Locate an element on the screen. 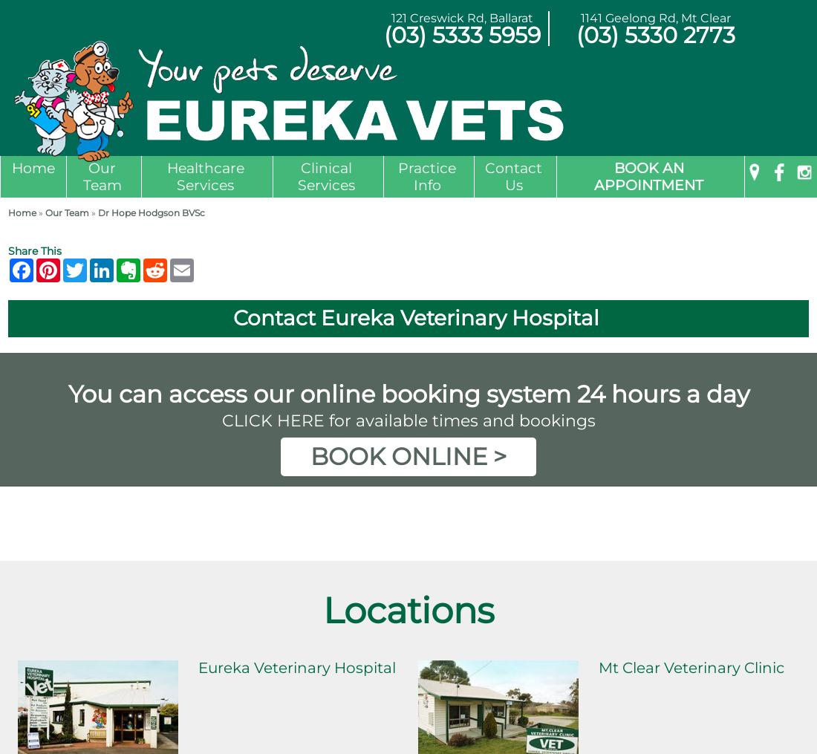 The image size is (817, 754). 'Flea and Tick Control' is located at coordinates (209, 351).